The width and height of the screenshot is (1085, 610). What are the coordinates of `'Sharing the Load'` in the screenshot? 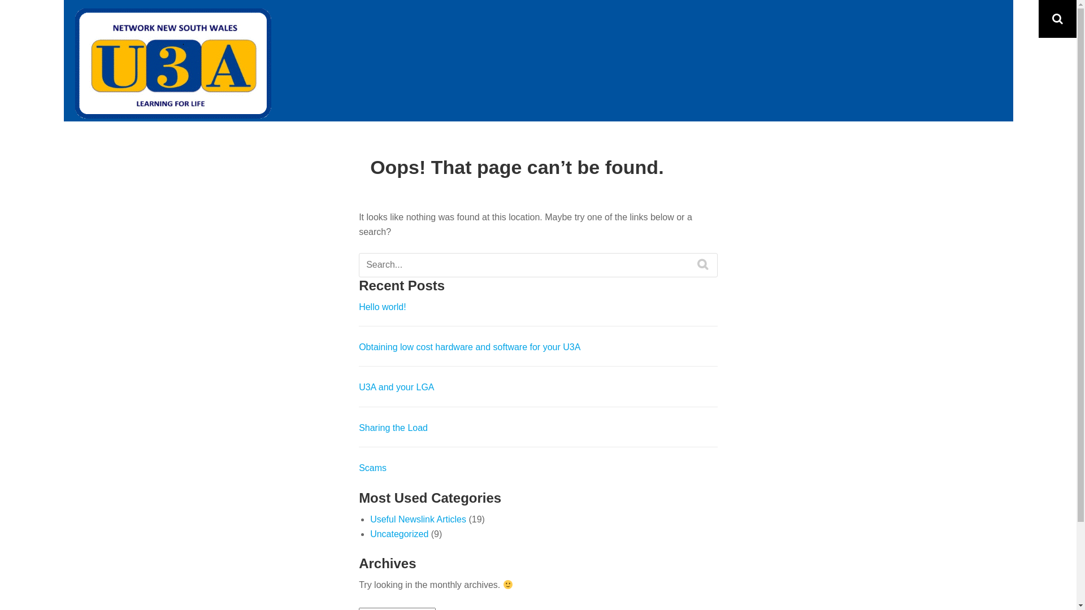 It's located at (393, 428).